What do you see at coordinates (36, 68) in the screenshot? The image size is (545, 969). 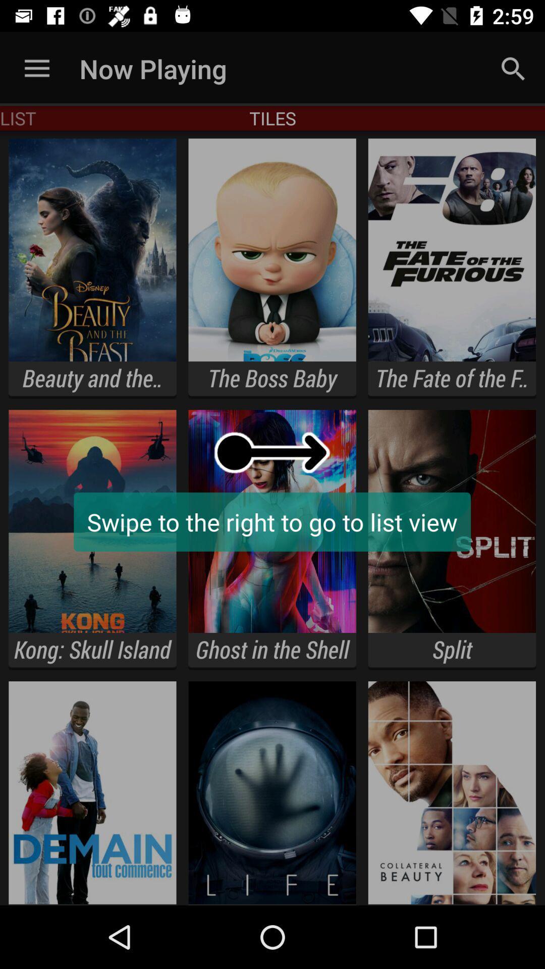 I see `the icon next to now playing` at bounding box center [36, 68].